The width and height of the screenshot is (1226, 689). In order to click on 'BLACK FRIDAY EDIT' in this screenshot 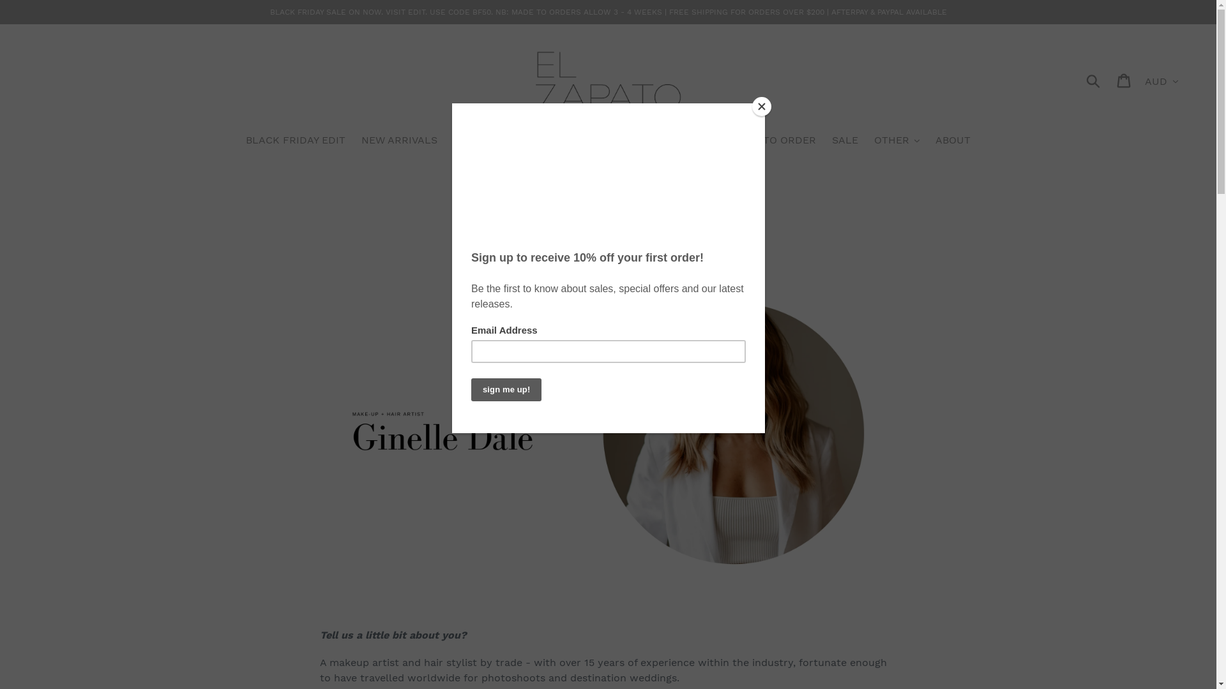, I will do `click(239, 141)`.